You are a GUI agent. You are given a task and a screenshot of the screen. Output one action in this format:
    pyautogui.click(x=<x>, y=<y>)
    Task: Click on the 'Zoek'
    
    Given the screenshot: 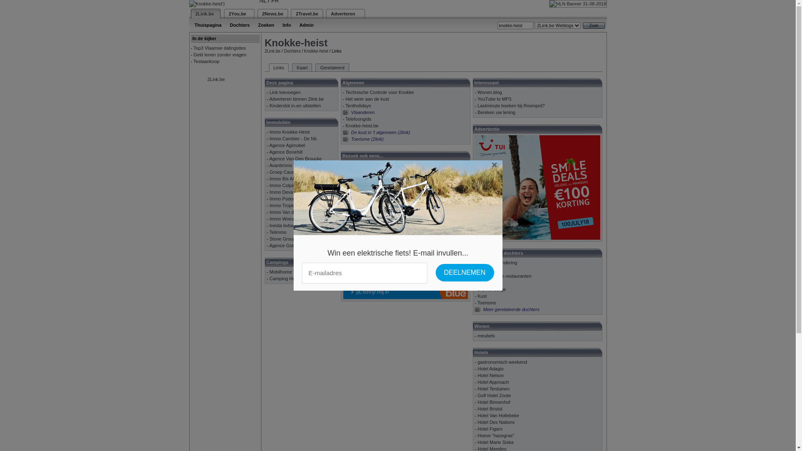 What is the action you would take?
    pyautogui.click(x=593, y=25)
    